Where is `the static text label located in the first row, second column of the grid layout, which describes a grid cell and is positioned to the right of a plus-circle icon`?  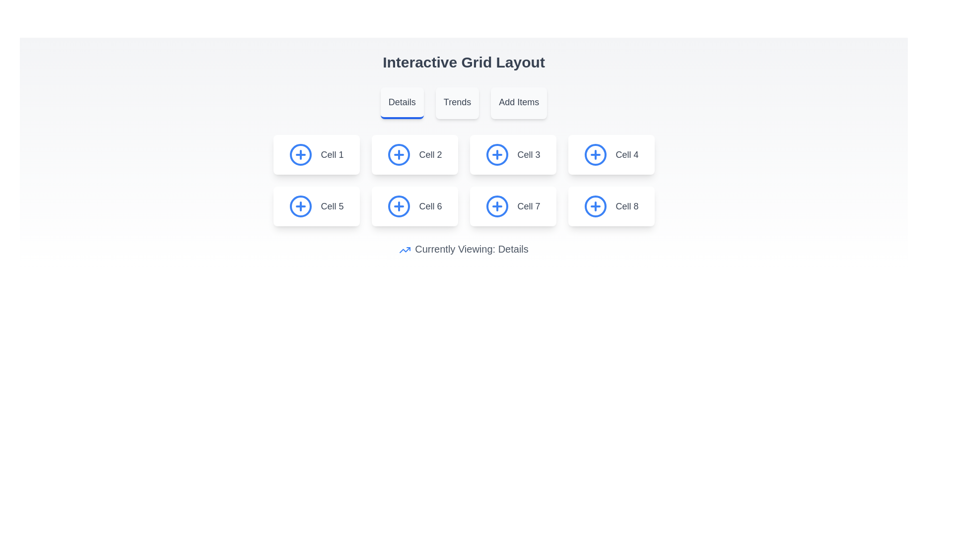 the static text label located in the first row, second column of the grid layout, which describes a grid cell and is positioned to the right of a plus-circle icon is located at coordinates (430, 155).